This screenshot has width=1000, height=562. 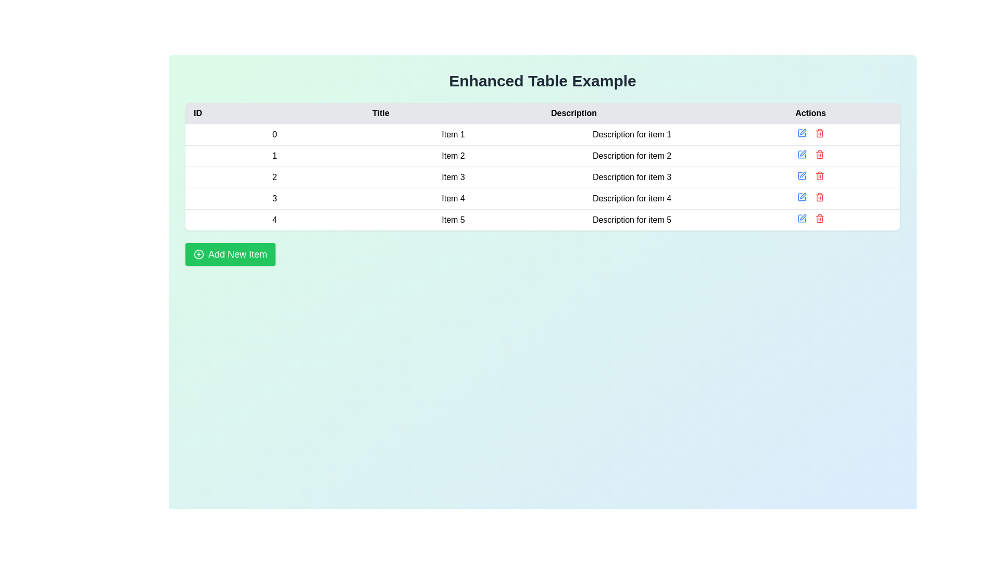 What do you see at coordinates (542, 219) in the screenshot?
I see `the last table row containing ID '4', title 'Item 5', and description 'Description for item 5'` at bounding box center [542, 219].